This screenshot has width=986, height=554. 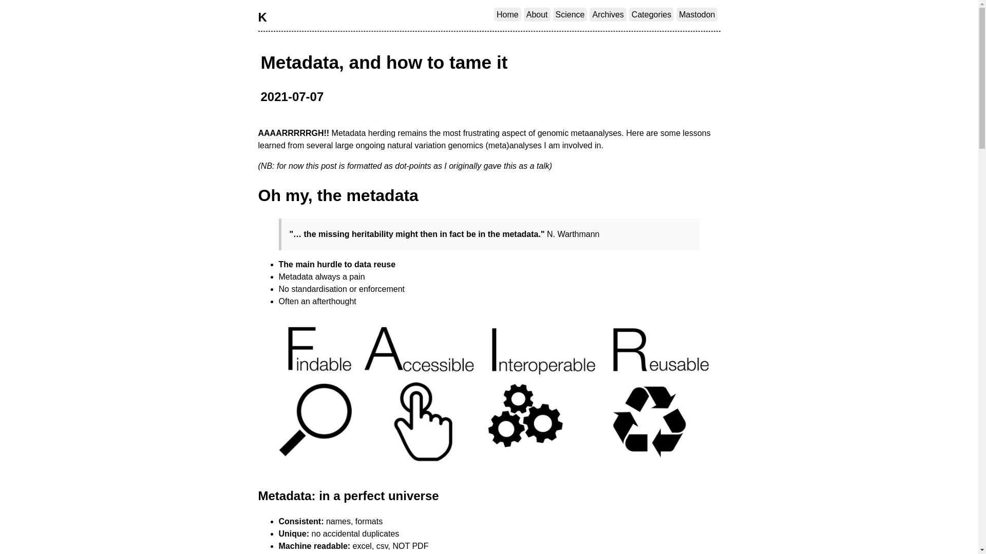 What do you see at coordinates (258, 17) in the screenshot?
I see `'K'` at bounding box center [258, 17].